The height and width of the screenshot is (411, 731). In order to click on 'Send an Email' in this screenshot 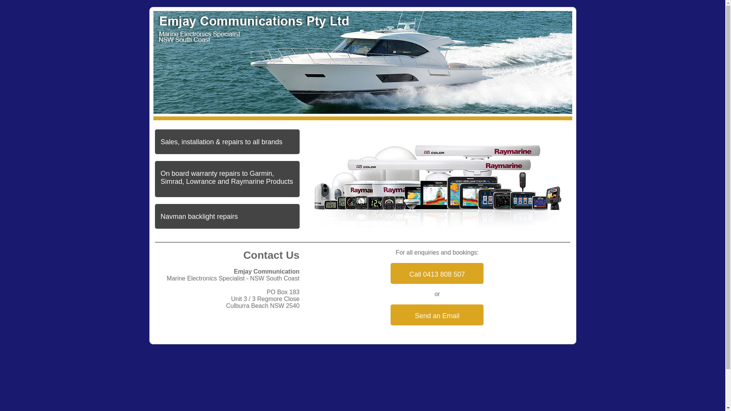, I will do `click(437, 315)`.